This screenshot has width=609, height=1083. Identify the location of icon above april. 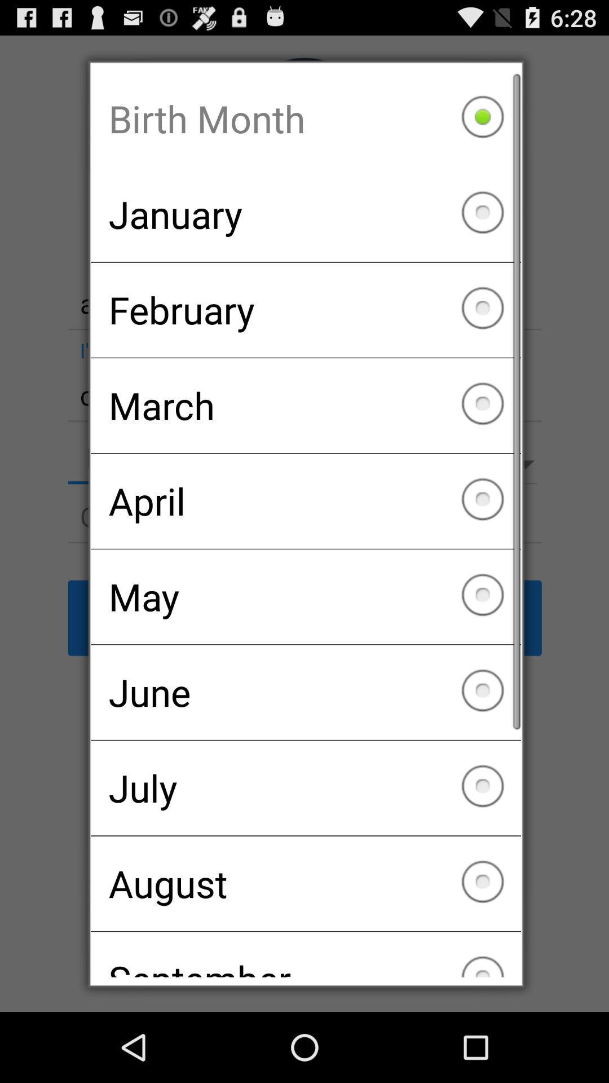
(306, 406).